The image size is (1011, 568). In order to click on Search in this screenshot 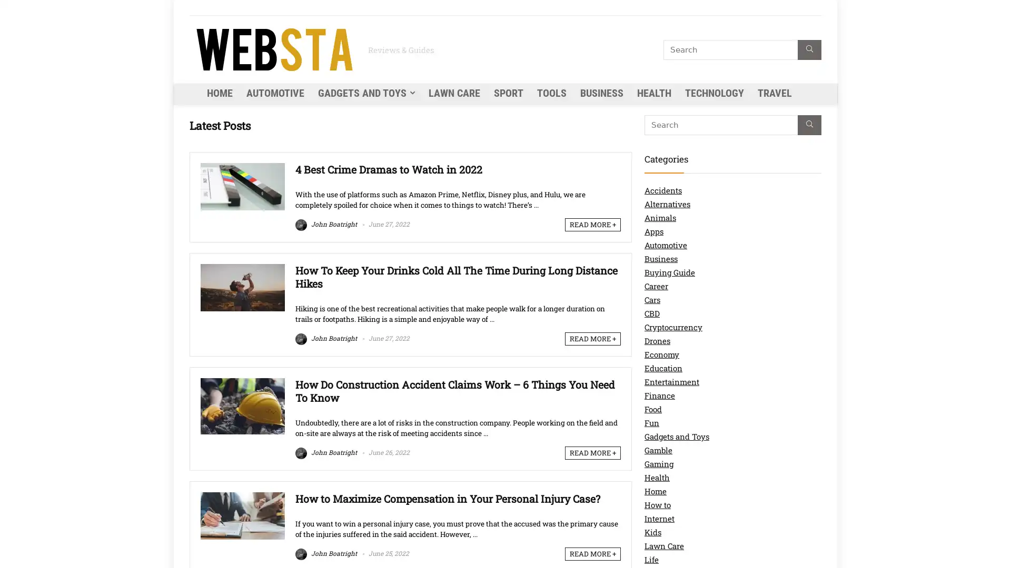, I will do `click(809, 50)`.